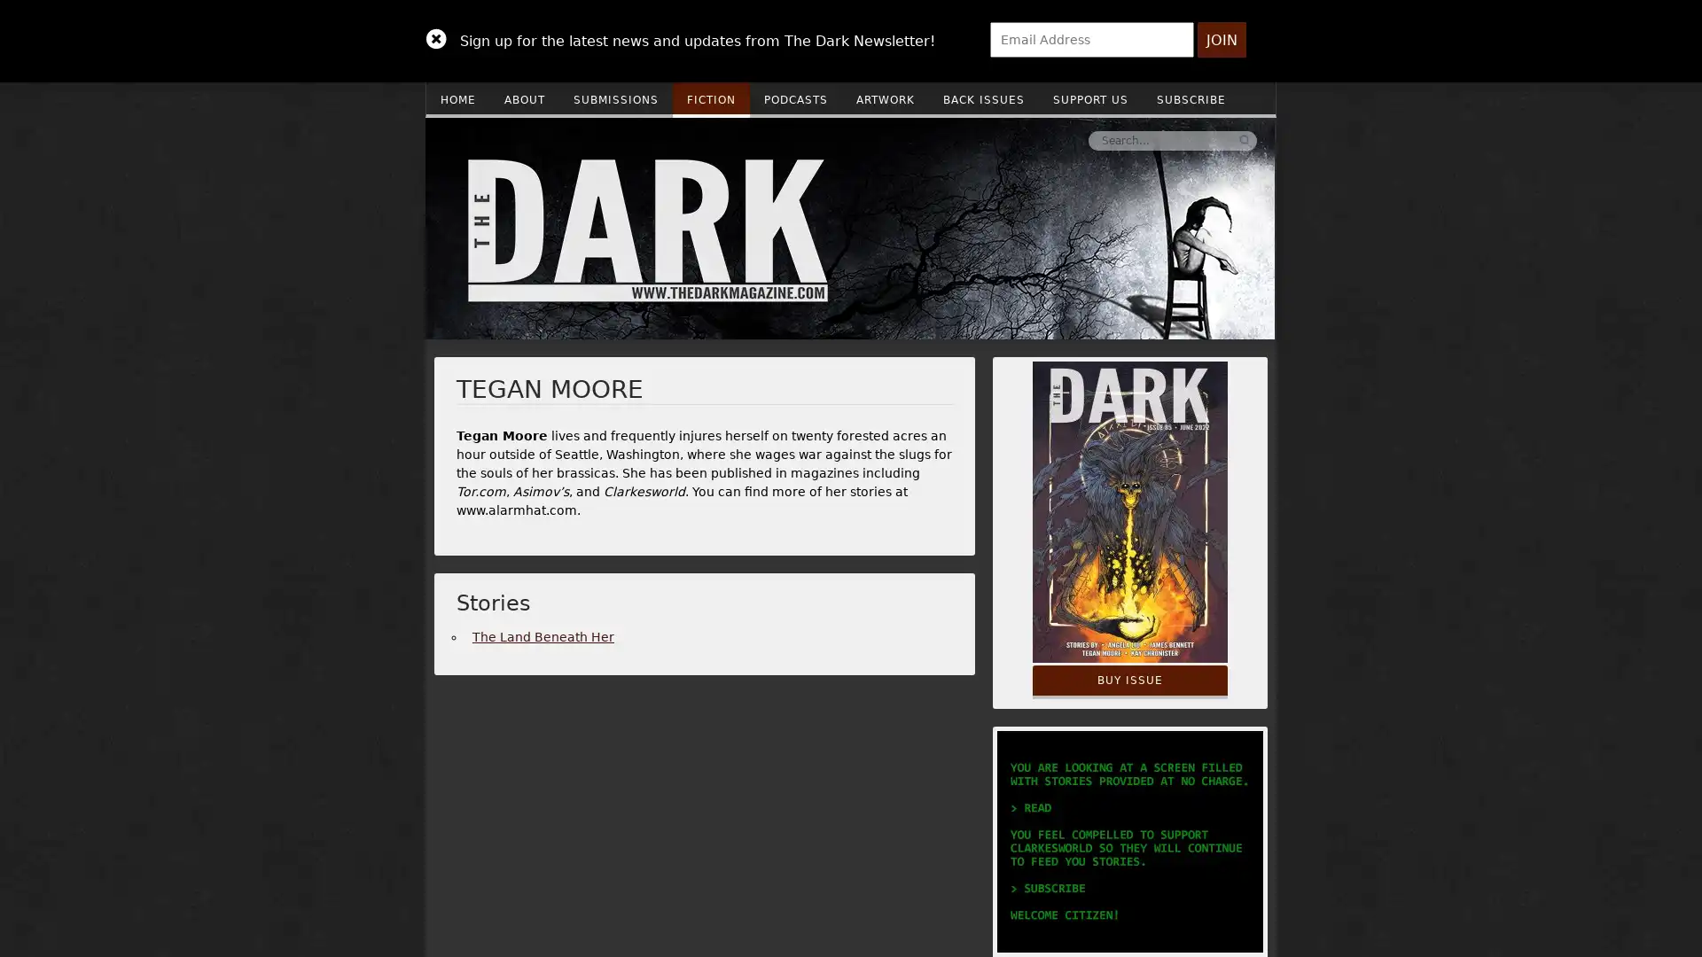 The height and width of the screenshot is (957, 1702). What do you see at coordinates (1221, 40) in the screenshot?
I see `Join` at bounding box center [1221, 40].